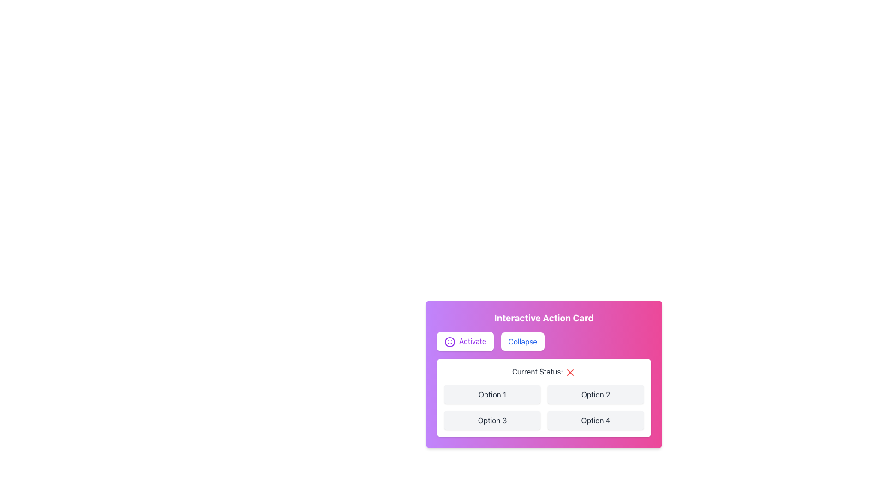  I want to click on the button labeled 'Option 4' located in the bottom-right corner of the grid layout, so click(596, 420).